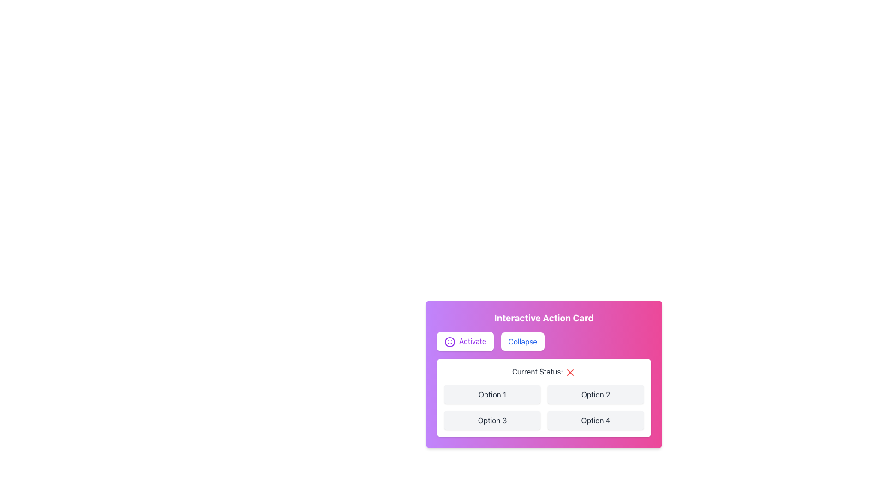  I want to click on the button labeled 'Option 4' located in the bottom-right corner of the grid layout, so click(596, 420).